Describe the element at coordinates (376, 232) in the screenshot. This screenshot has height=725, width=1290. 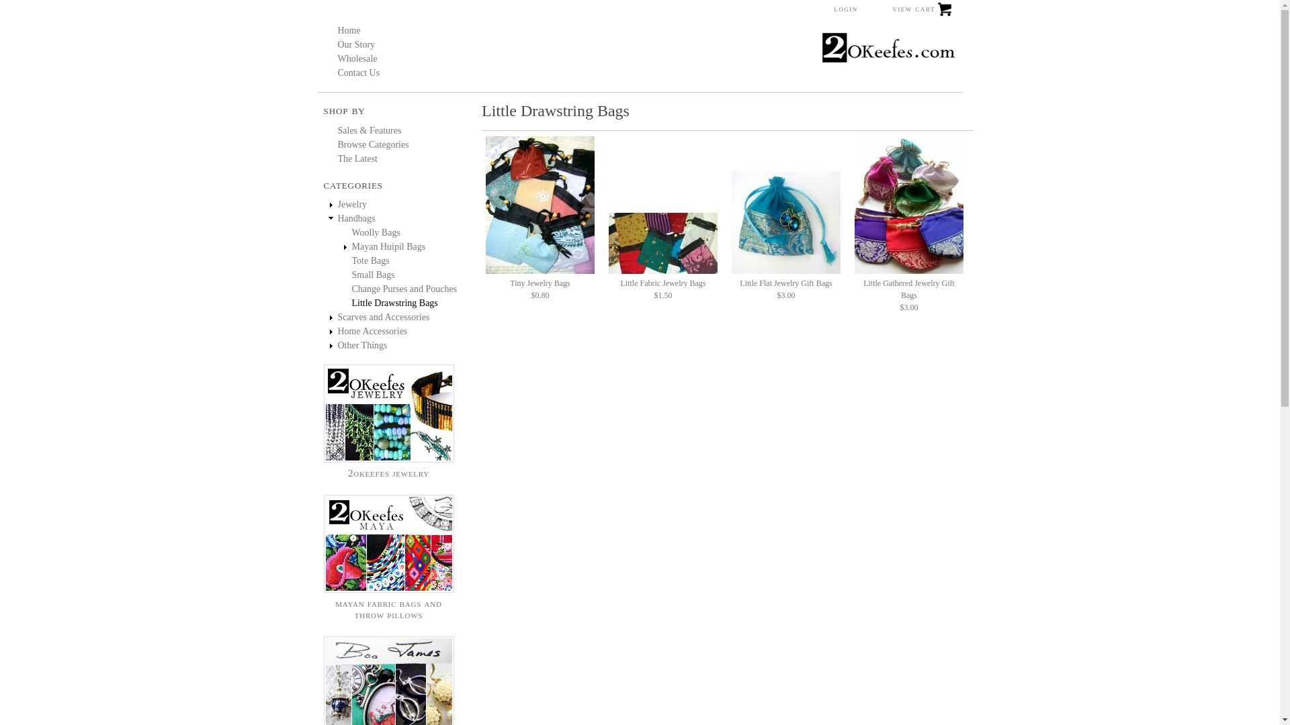
I see `'Woolly Bags'` at that location.